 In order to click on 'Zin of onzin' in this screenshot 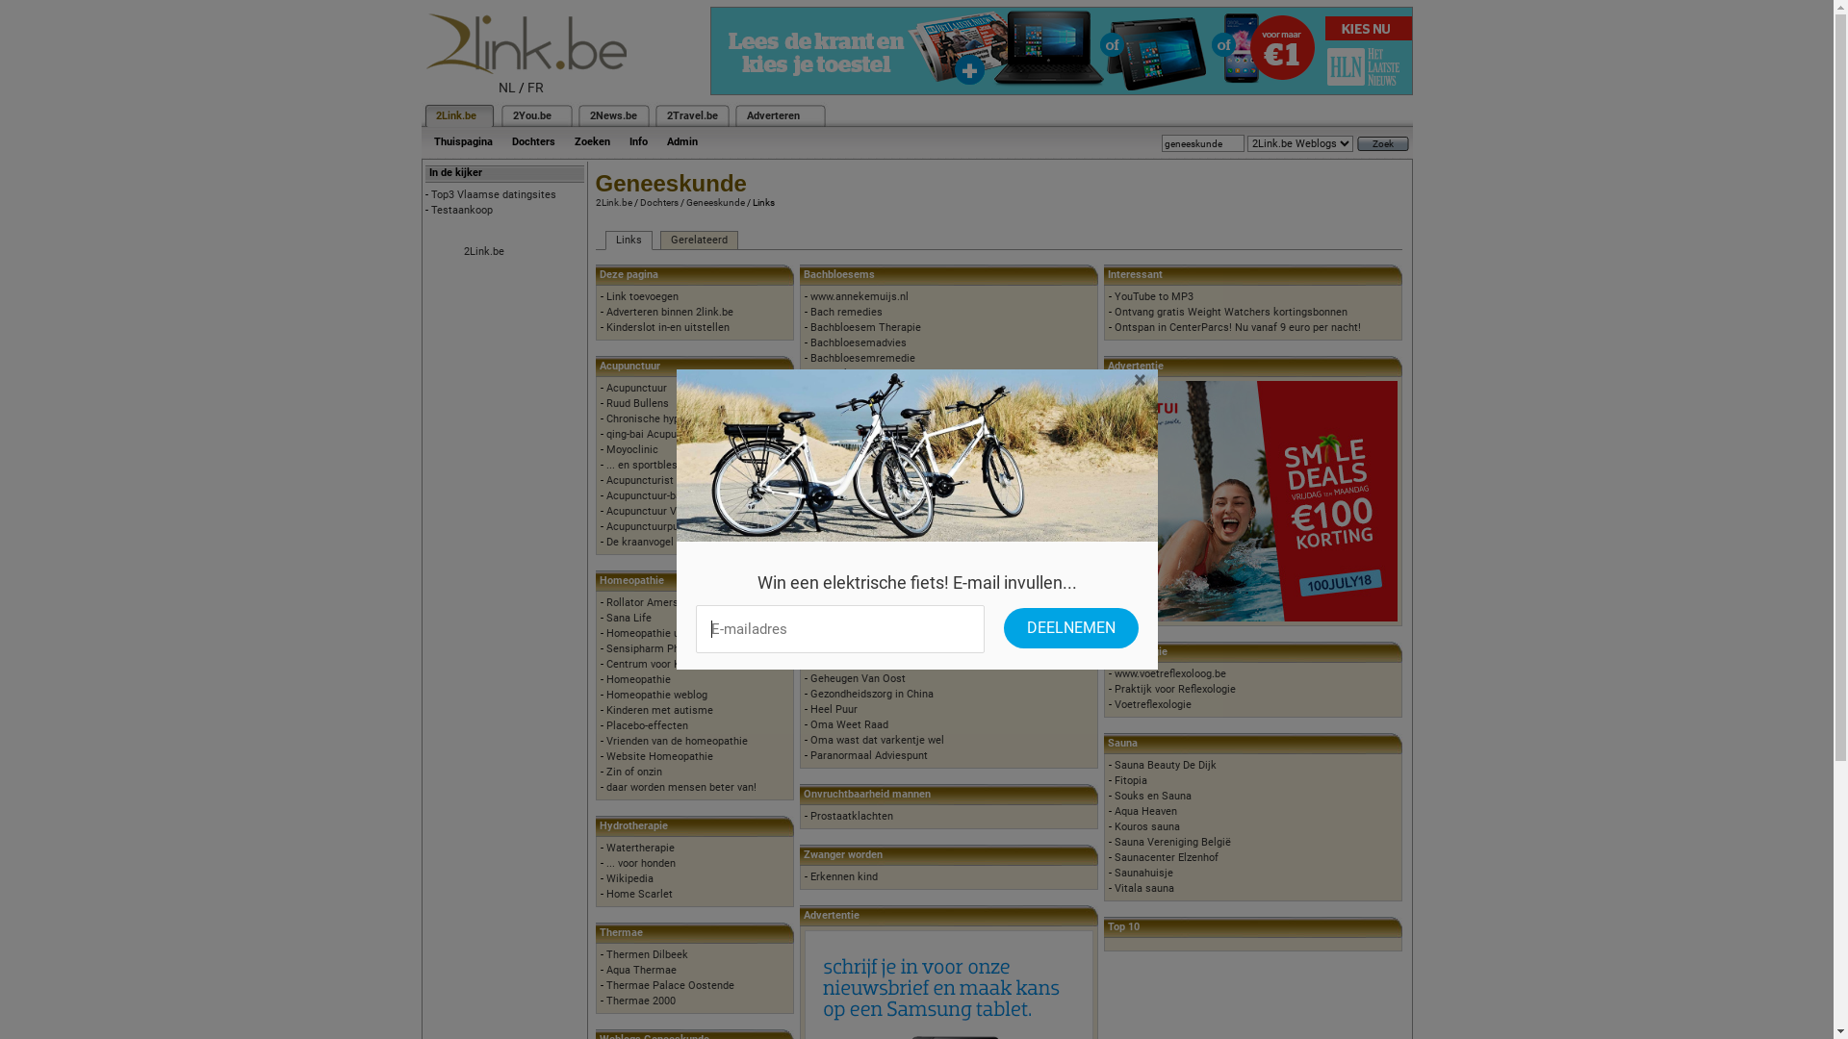, I will do `click(633, 771)`.